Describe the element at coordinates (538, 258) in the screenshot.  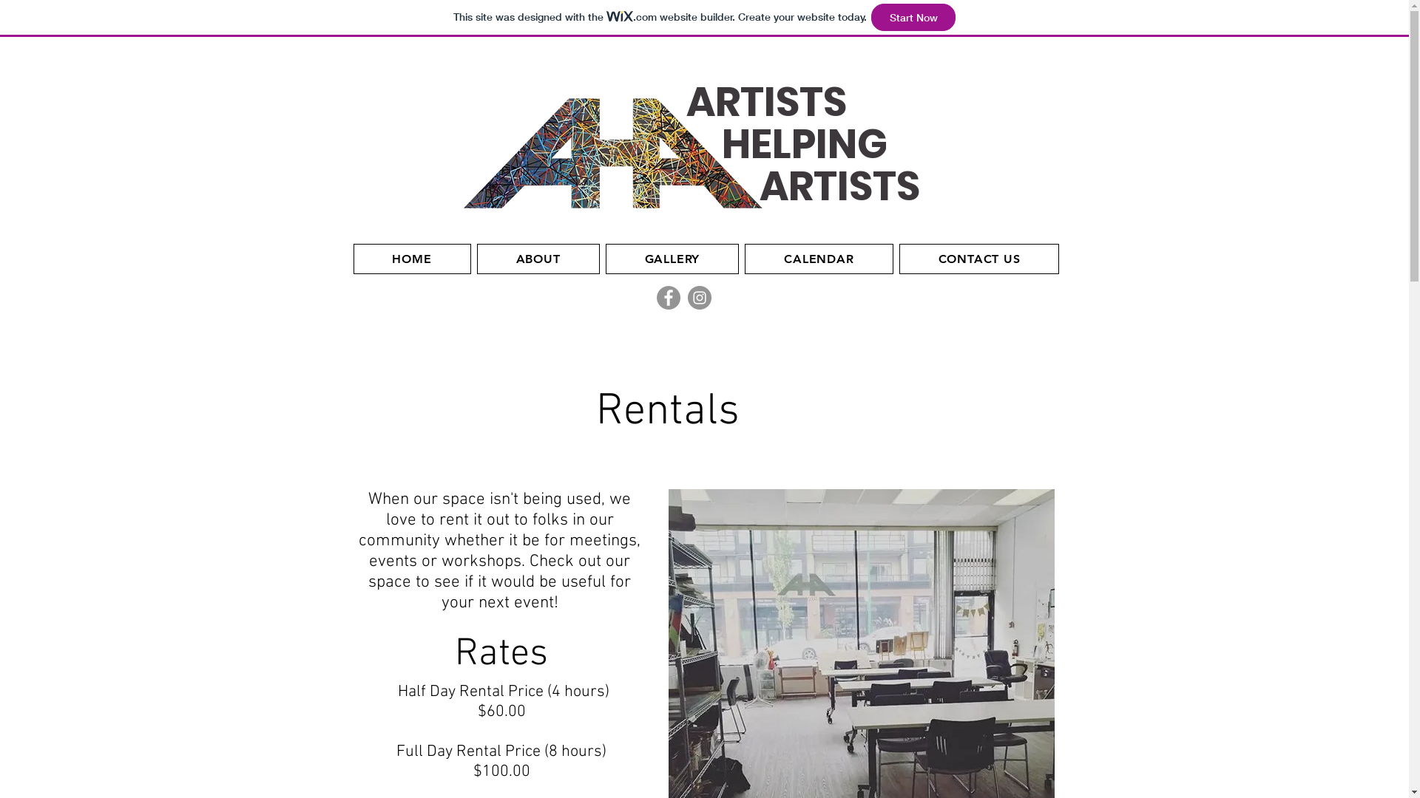
I see `'ABOUT'` at that location.